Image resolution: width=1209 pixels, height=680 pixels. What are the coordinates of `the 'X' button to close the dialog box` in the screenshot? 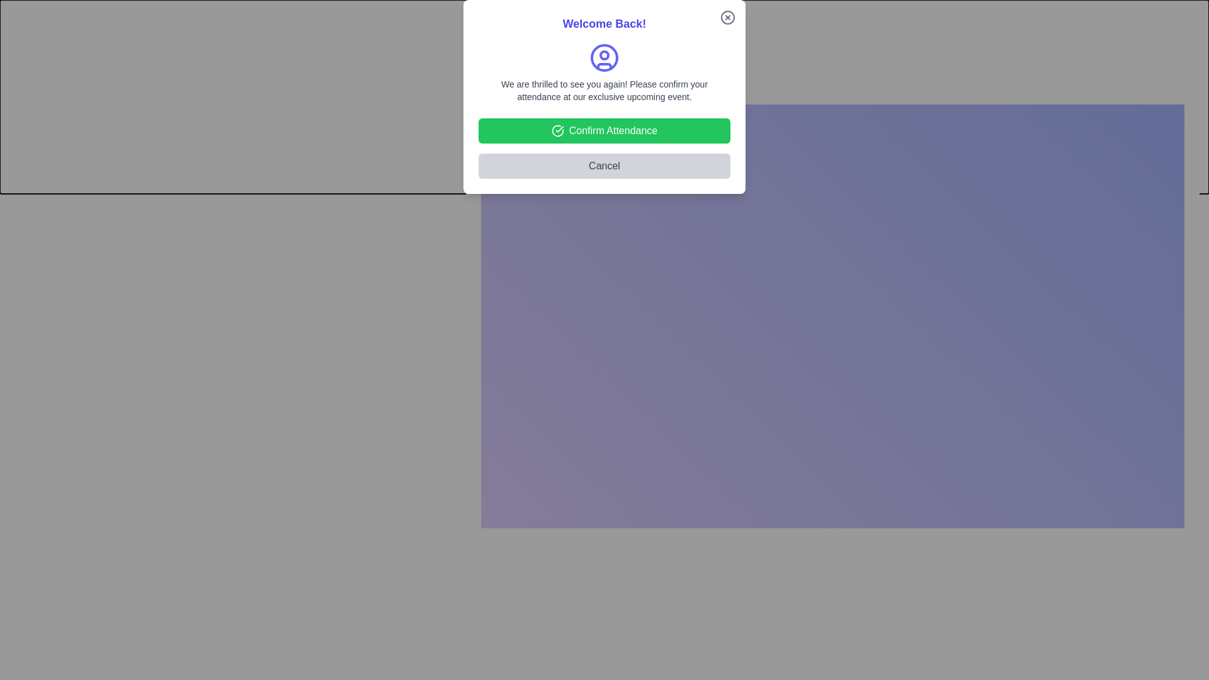 It's located at (1199, 89).